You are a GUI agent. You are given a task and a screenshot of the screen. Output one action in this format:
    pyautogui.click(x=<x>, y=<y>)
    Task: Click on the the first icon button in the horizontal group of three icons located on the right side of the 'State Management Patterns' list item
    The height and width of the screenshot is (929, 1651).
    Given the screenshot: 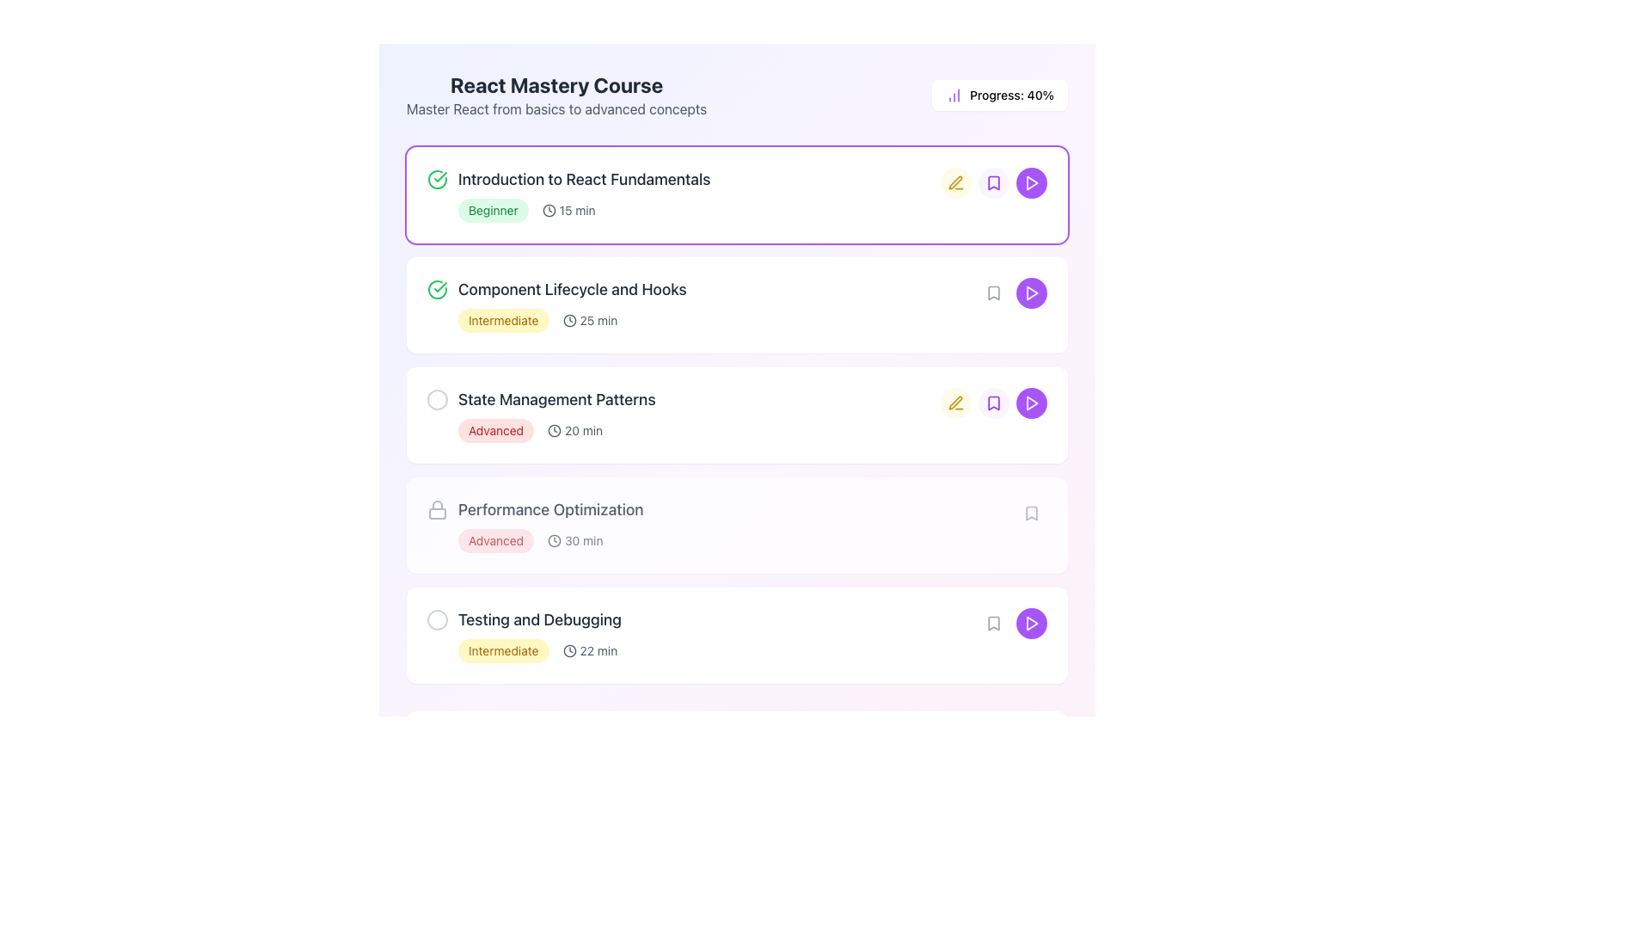 What is the action you would take?
    pyautogui.click(x=955, y=403)
    